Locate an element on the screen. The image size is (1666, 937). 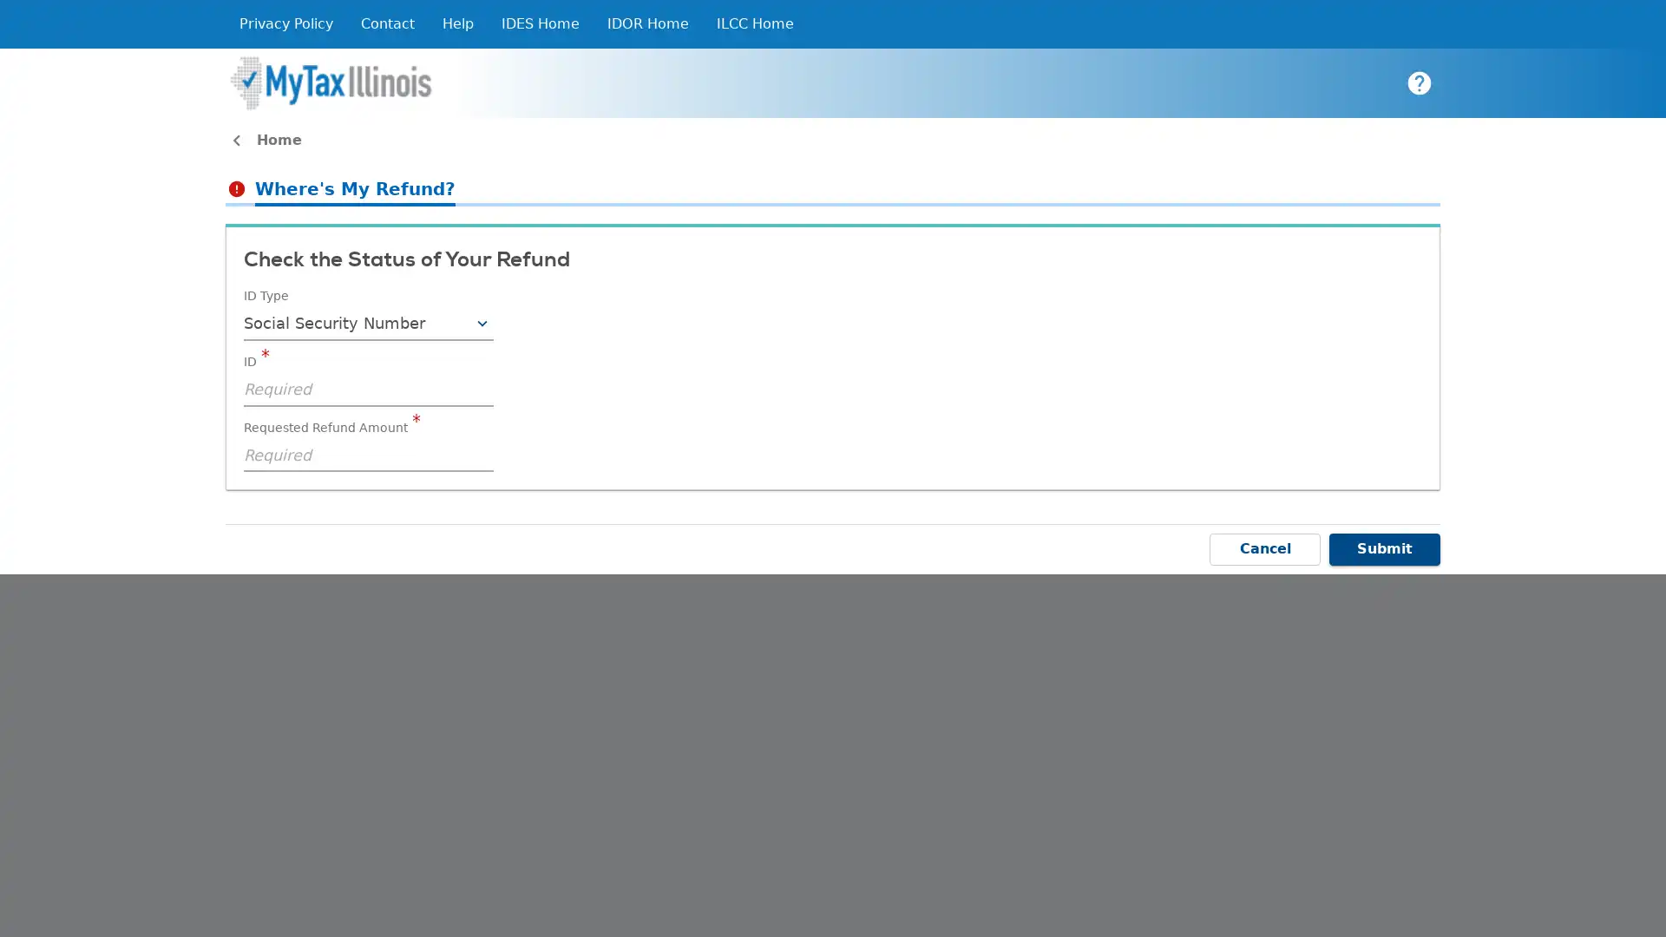
Toggle Combobox is located at coordinates (482, 324).